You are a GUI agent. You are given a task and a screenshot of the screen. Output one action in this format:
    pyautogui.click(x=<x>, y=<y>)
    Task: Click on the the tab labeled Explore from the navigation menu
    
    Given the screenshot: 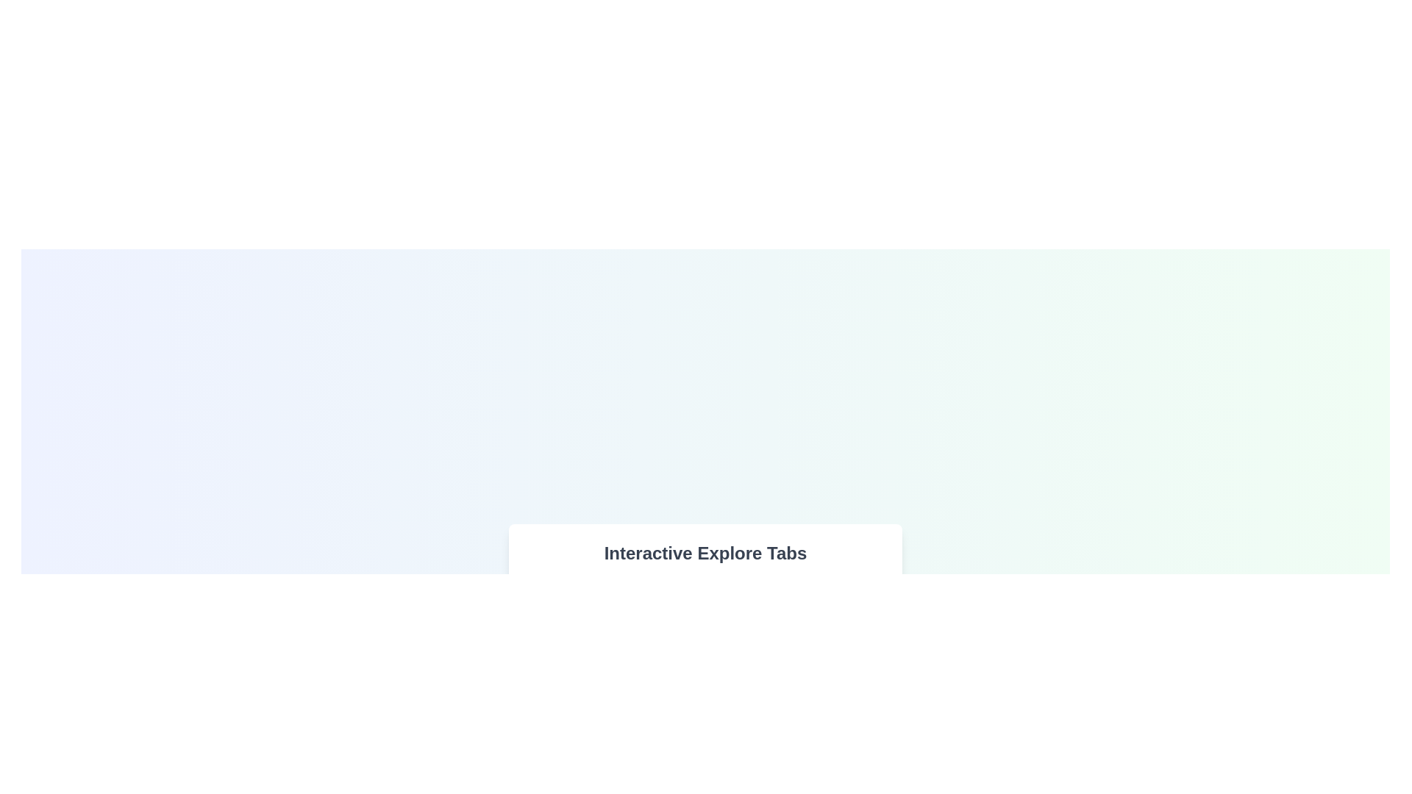 What is the action you would take?
    pyautogui.click(x=571, y=598)
    